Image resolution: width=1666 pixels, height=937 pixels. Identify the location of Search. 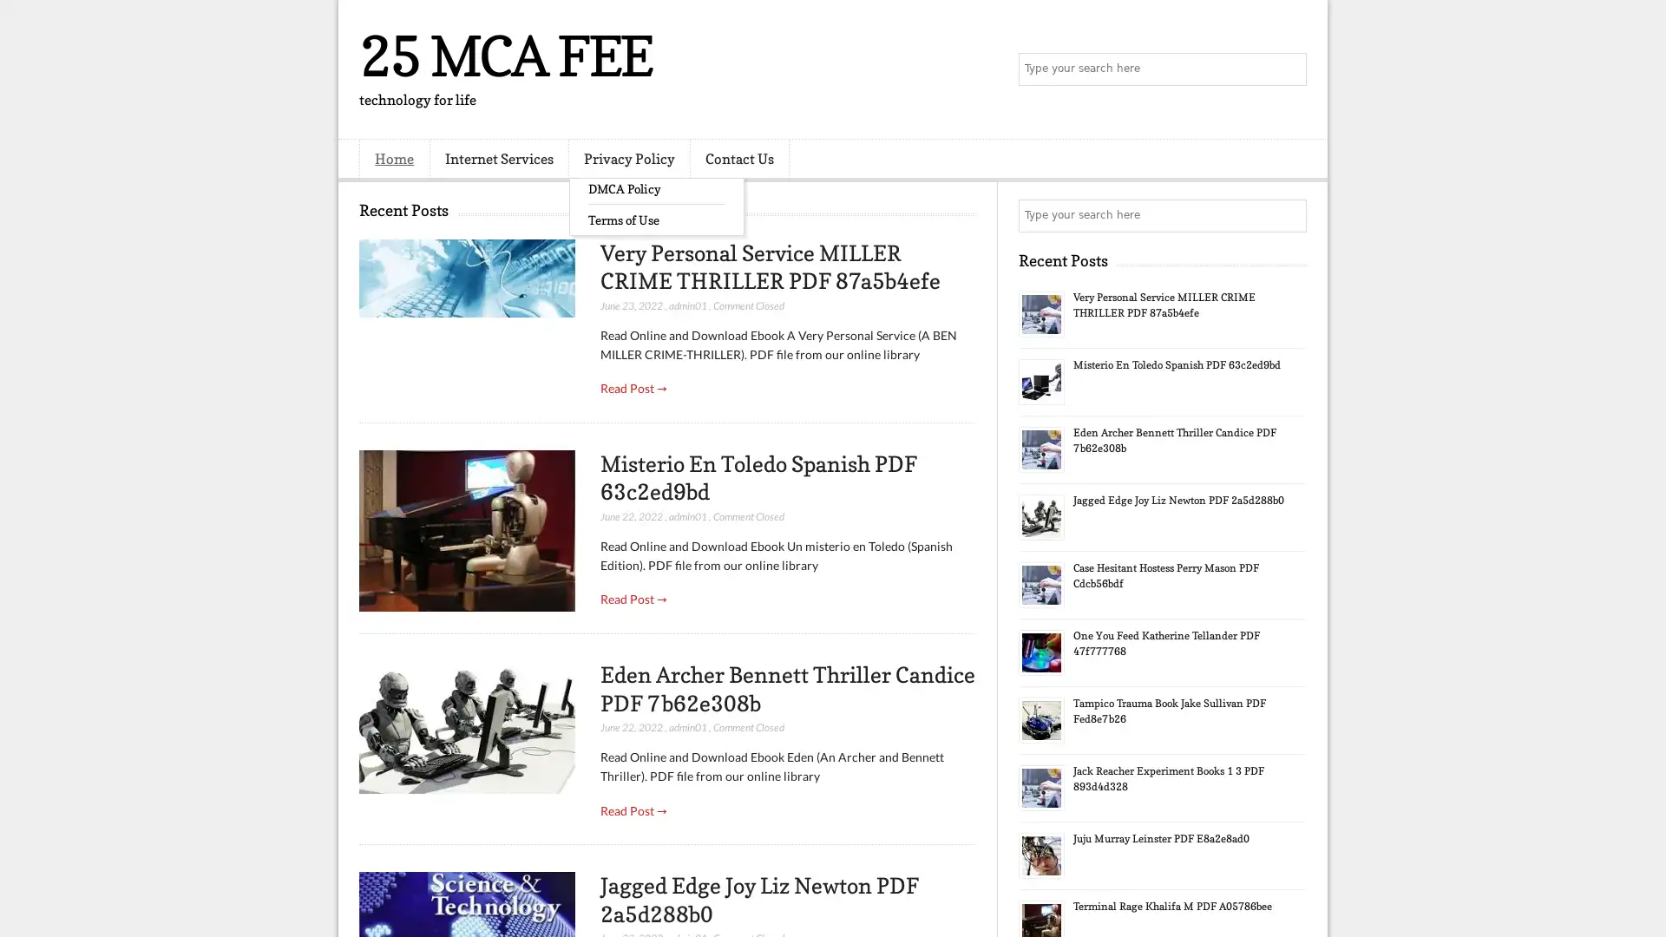
(1289, 69).